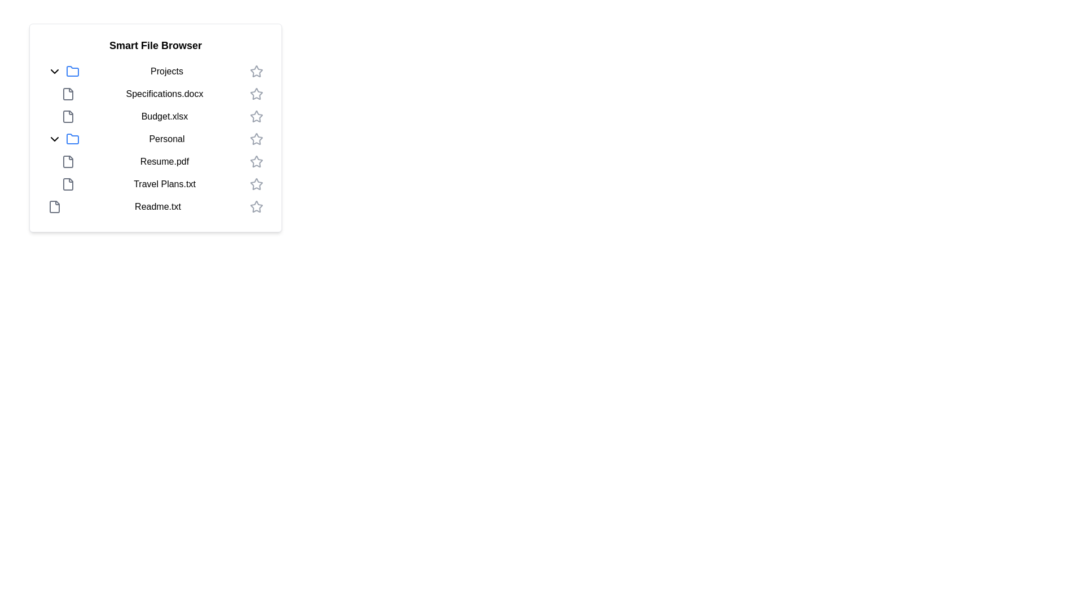  What do you see at coordinates (67, 117) in the screenshot?
I see `the file icon representing 'Budget.xlsx' in the file browser interface, which is the second item under the 'Projects' folder grouping` at bounding box center [67, 117].